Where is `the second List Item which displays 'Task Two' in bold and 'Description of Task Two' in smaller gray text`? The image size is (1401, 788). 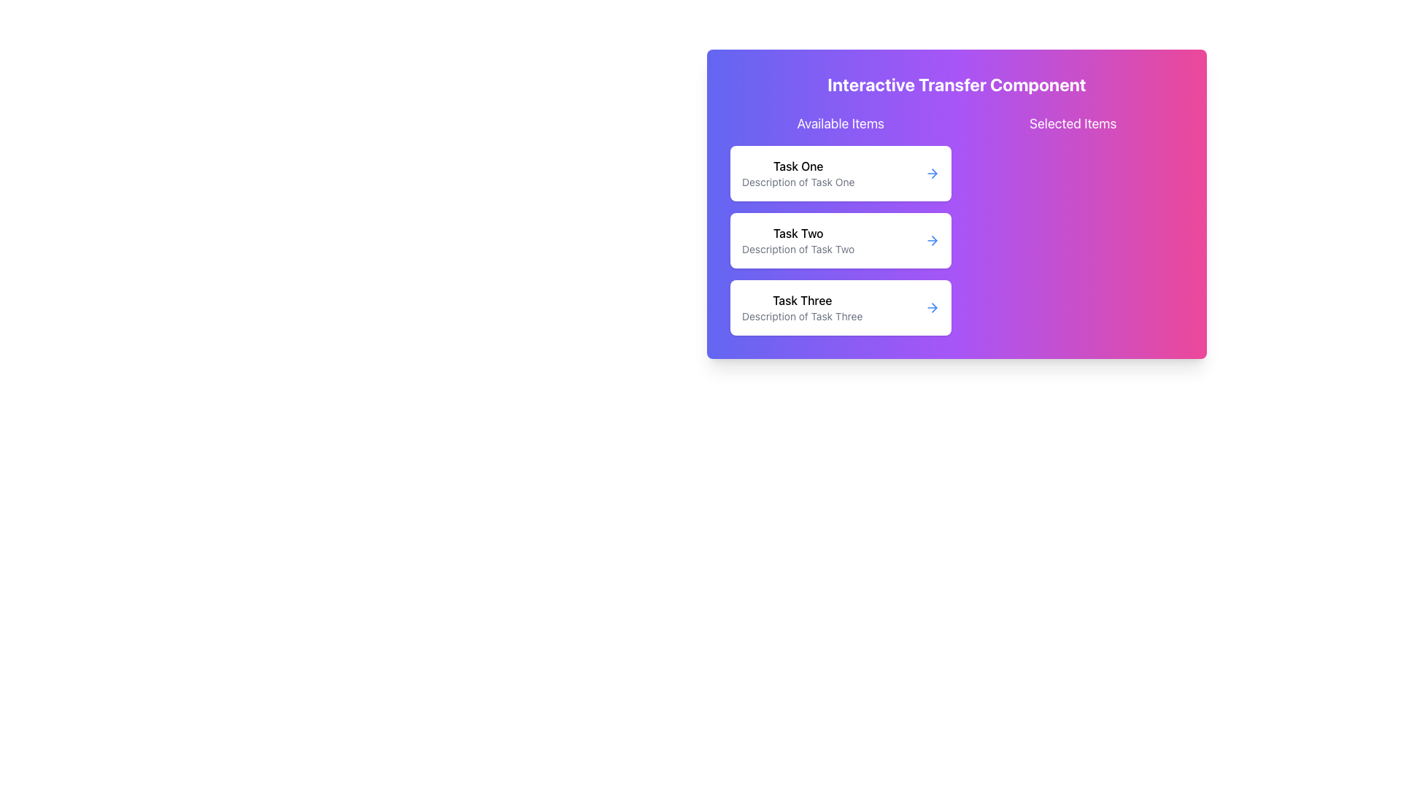
the second List Item which displays 'Task Two' in bold and 'Description of Task Two' in smaller gray text is located at coordinates (798, 240).